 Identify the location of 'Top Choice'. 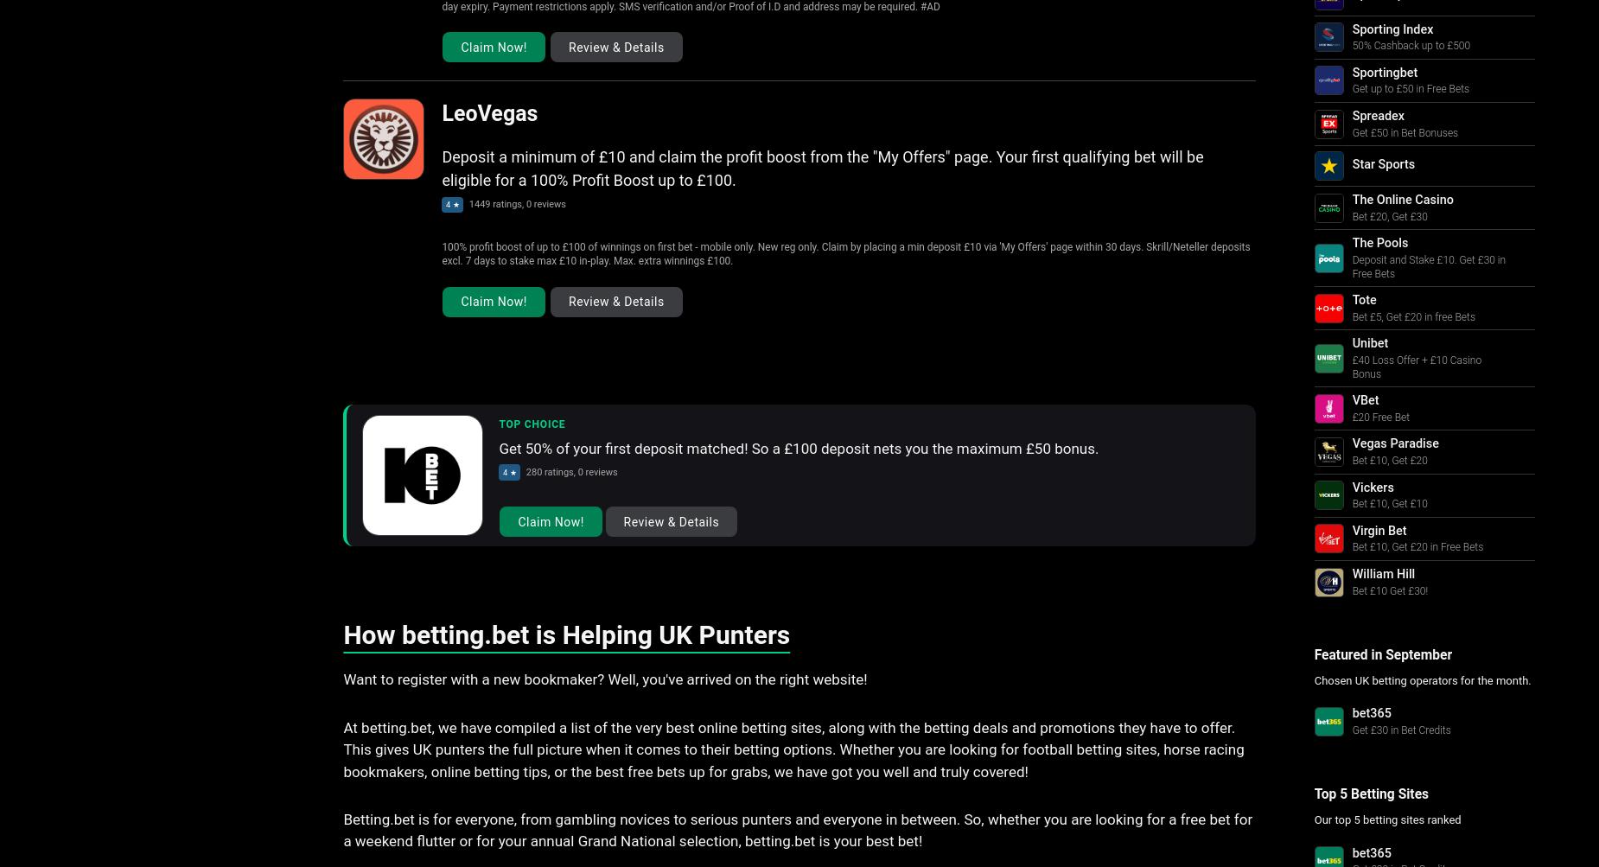
(499, 423).